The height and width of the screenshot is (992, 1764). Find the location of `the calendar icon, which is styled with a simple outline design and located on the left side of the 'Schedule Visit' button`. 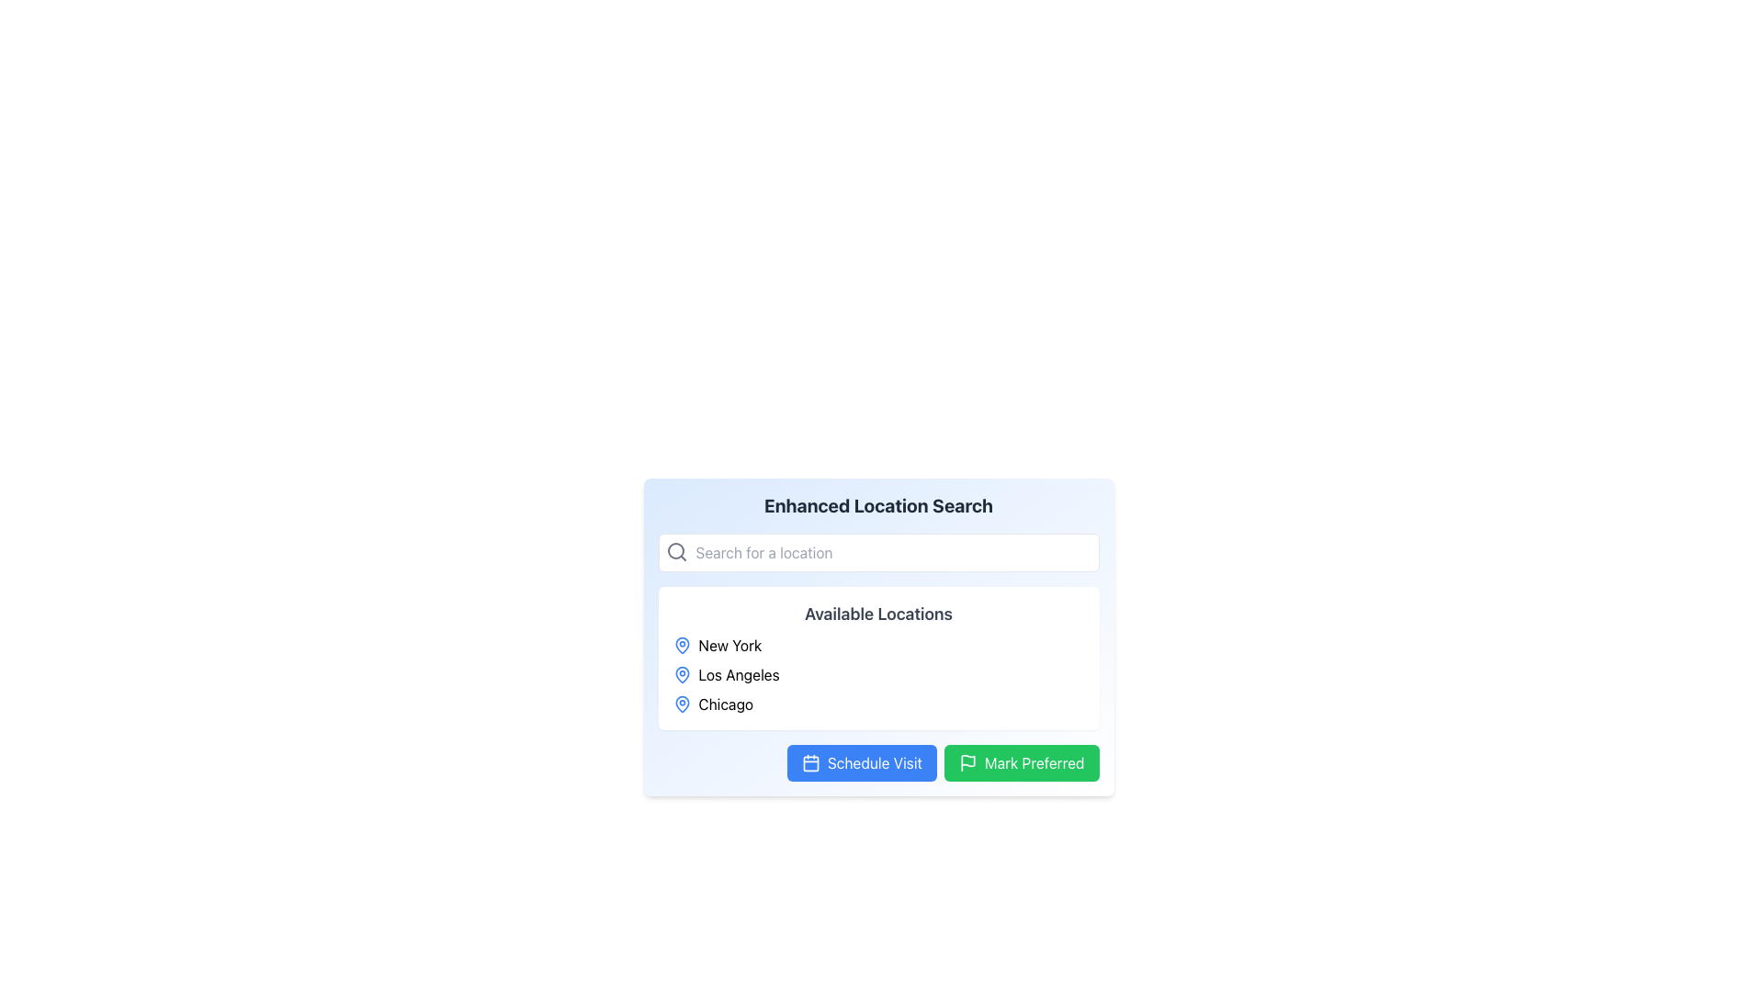

the calendar icon, which is styled with a simple outline design and located on the left side of the 'Schedule Visit' button is located at coordinates (809, 762).